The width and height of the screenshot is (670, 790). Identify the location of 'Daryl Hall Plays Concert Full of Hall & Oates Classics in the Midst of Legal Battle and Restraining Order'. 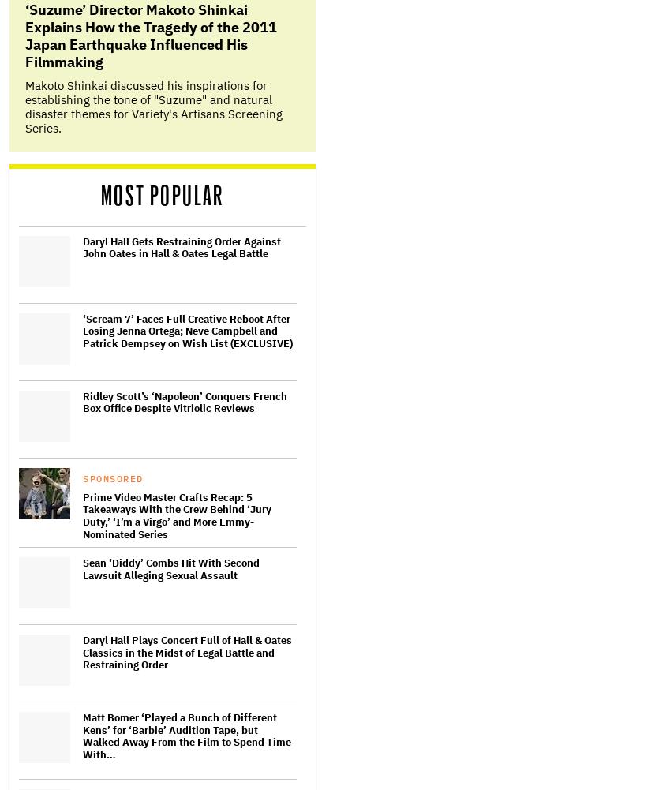
(187, 652).